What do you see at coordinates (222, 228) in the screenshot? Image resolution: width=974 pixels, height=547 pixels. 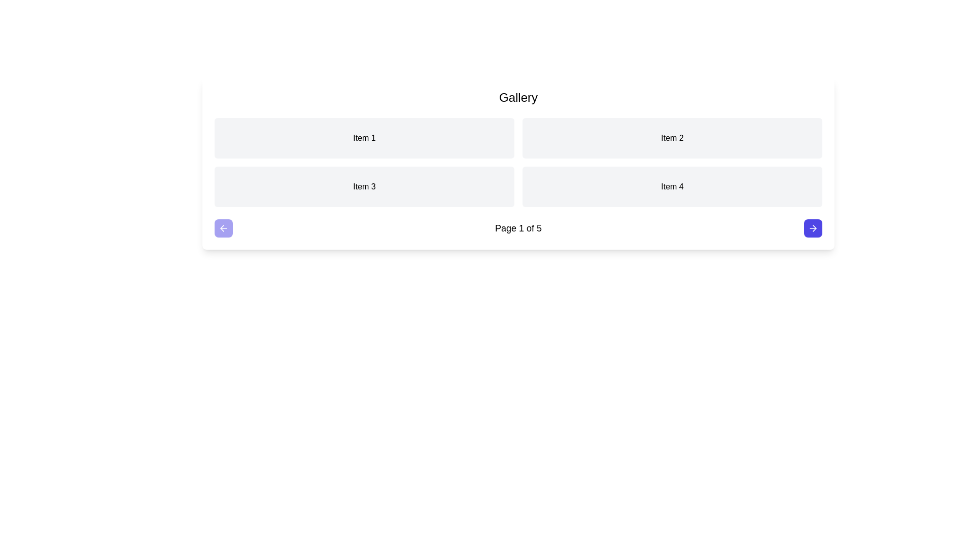 I see `the leftward arrow icon` at bounding box center [222, 228].